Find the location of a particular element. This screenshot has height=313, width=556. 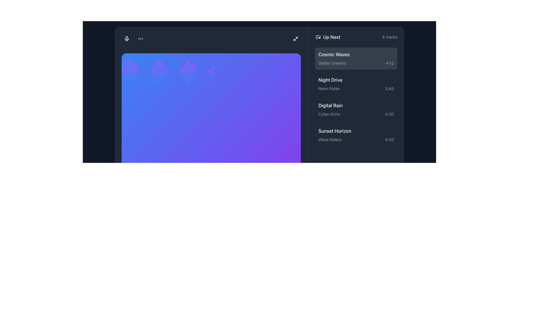

the 'Cosmic Waves' text label, which is displayed in bold white font on a dark background, located at the top of the highlighted list on the right-hand side of the interface for navigation or information is located at coordinates (334, 54).